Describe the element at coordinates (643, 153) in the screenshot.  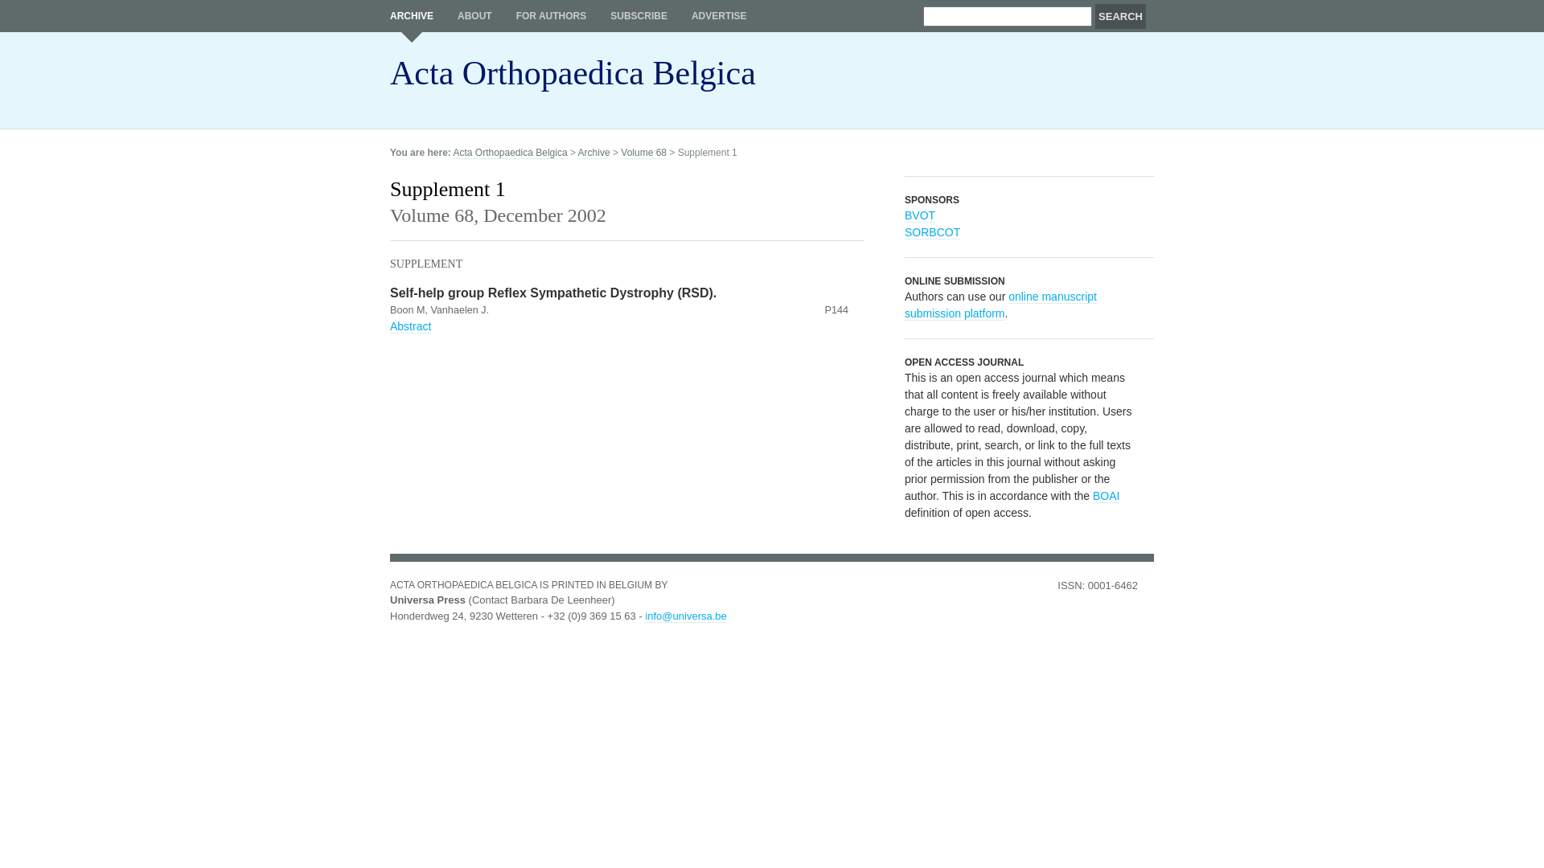
I see `'Volume 68'` at that location.